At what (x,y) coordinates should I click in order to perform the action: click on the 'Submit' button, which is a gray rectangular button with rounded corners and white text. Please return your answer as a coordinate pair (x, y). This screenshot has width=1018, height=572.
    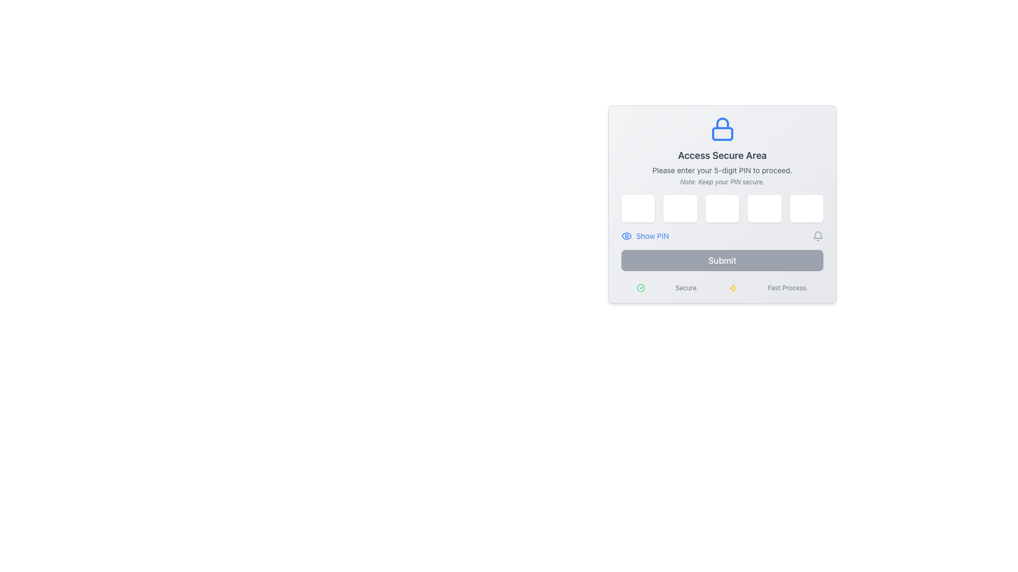
    Looking at the image, I should click on (722, 261).